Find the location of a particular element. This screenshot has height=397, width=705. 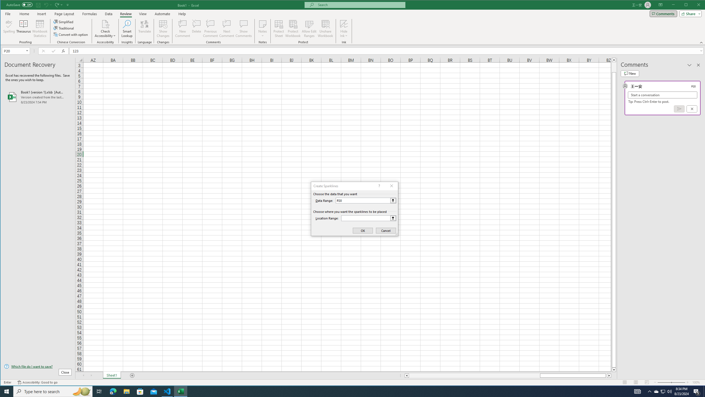

'Spelling...' is located at coordinates (9, 28).